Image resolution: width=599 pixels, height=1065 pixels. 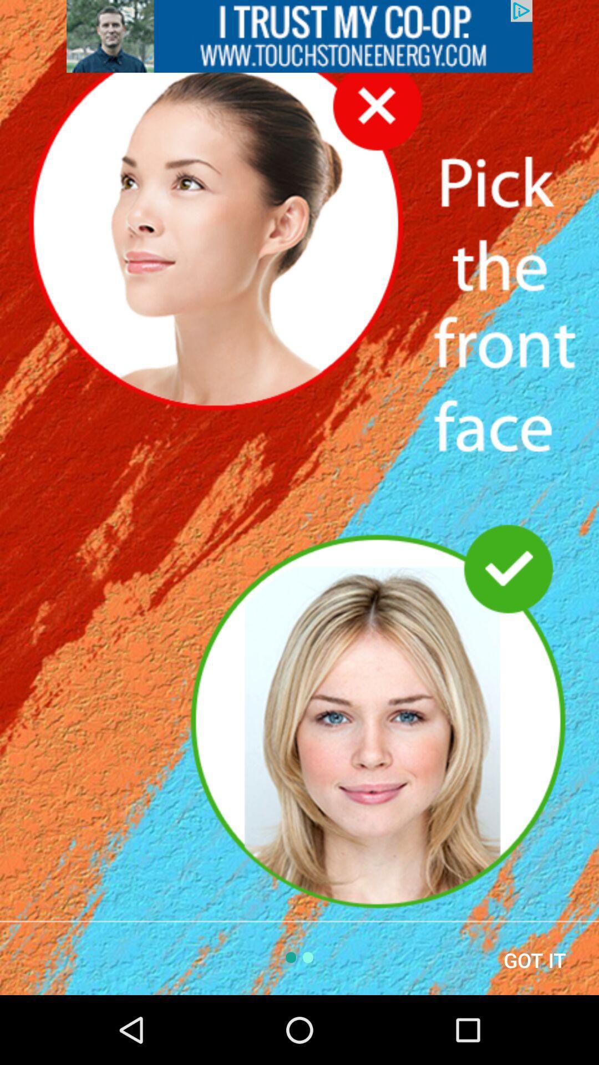 What do you see at coordinates (299, 36) in the screenshot?
I see `sponsored content` at bounding box center [299, 36].